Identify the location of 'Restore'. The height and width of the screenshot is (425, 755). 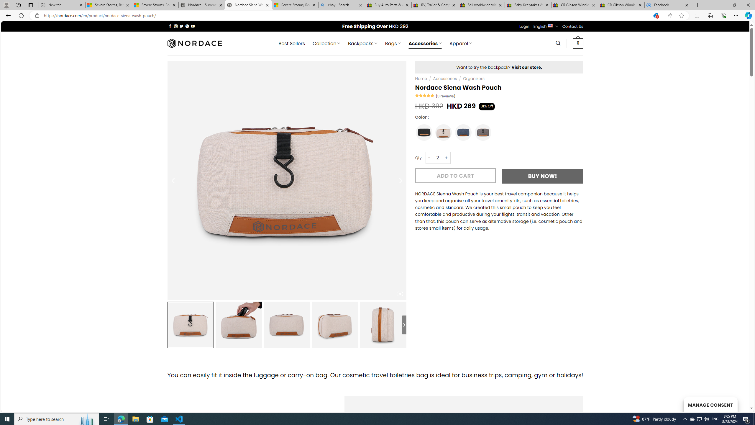
(734, 5).